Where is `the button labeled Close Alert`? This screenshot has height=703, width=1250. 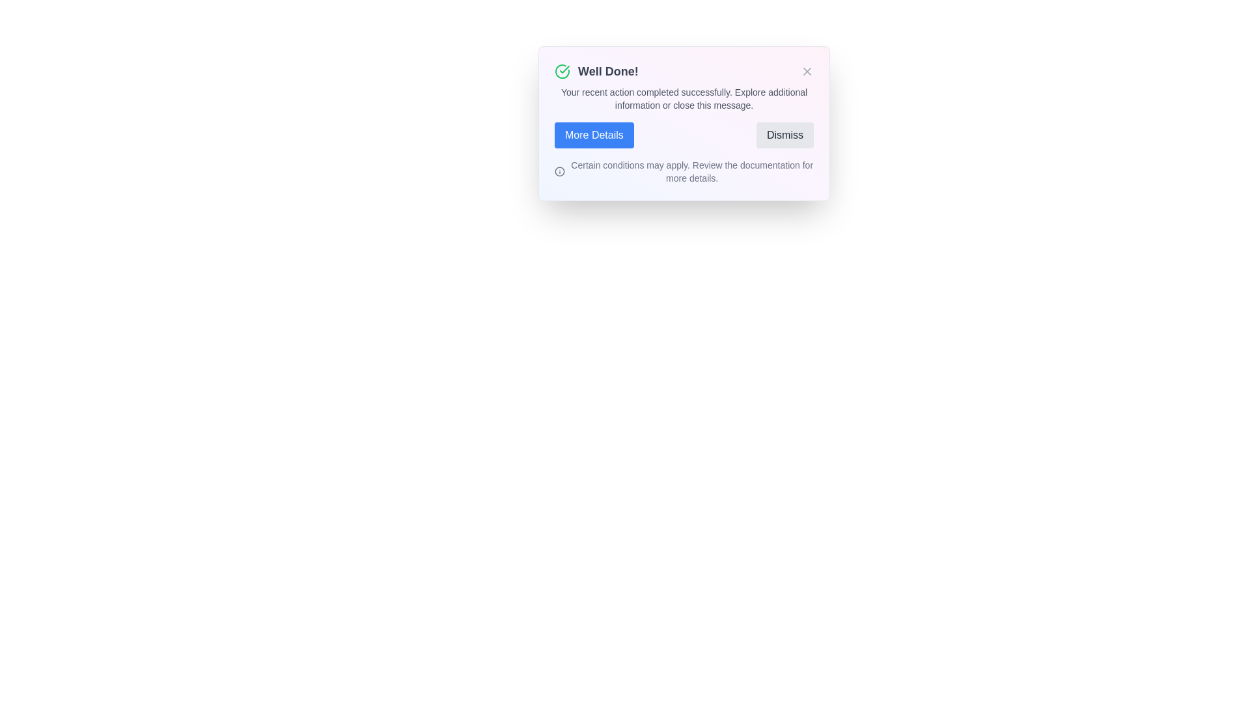
the button labeled Close Alert is located at coordinates (806, 72).